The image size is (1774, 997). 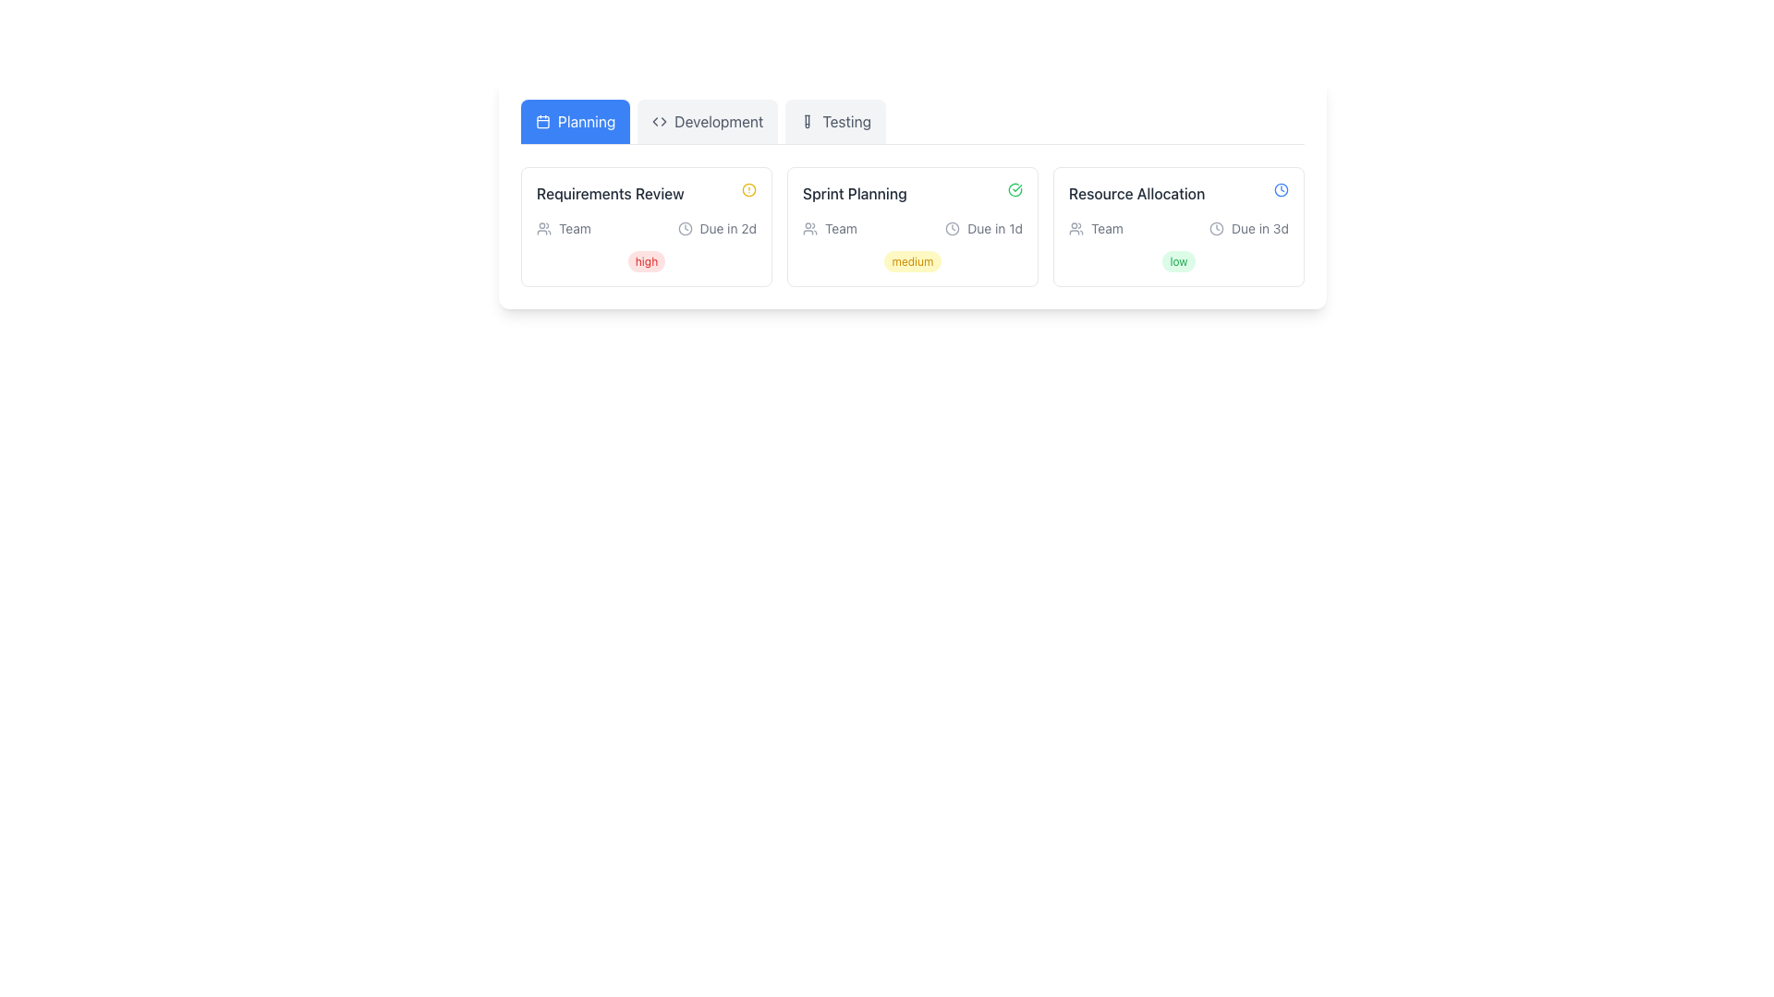 What do you see at coordinates (707, 121) in the screenshot?
I see `the 'Development' navigation tab, which is the second tab in the horizontal tab group located between 'Planning' and 'Testing'` at bounding box center [707, 121].